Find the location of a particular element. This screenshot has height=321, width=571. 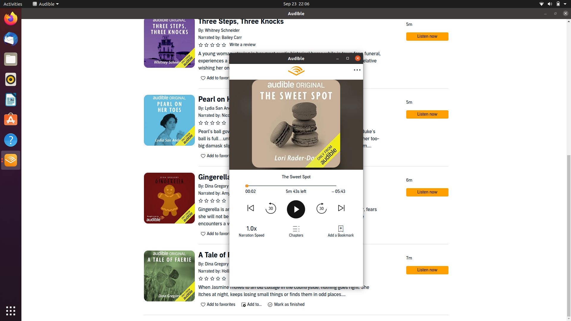

Shift the speech speed to the next possible rate is located at coordinates (252, 230).